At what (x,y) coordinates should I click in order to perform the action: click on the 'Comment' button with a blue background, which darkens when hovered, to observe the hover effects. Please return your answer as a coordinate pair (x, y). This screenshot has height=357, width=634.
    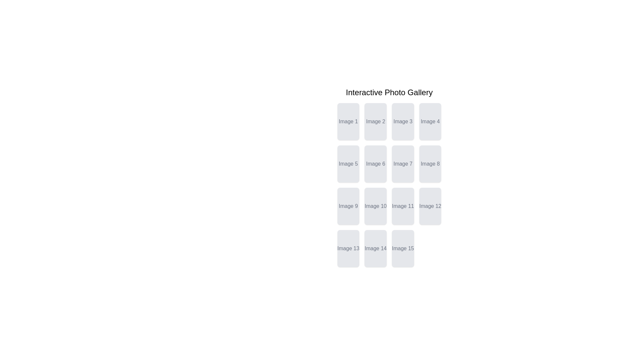
    Looking at the image, I should click on (403, 176).